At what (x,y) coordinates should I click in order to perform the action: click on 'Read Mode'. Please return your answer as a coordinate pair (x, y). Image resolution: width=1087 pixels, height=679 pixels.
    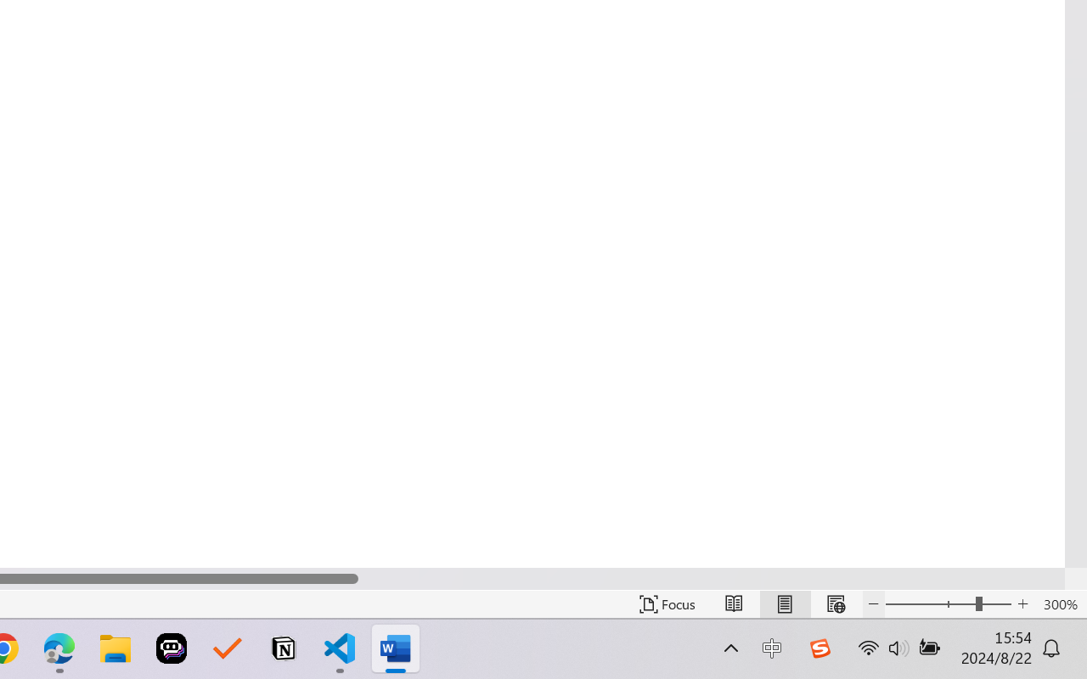
    Looking at the image, I should click on (734, 603).